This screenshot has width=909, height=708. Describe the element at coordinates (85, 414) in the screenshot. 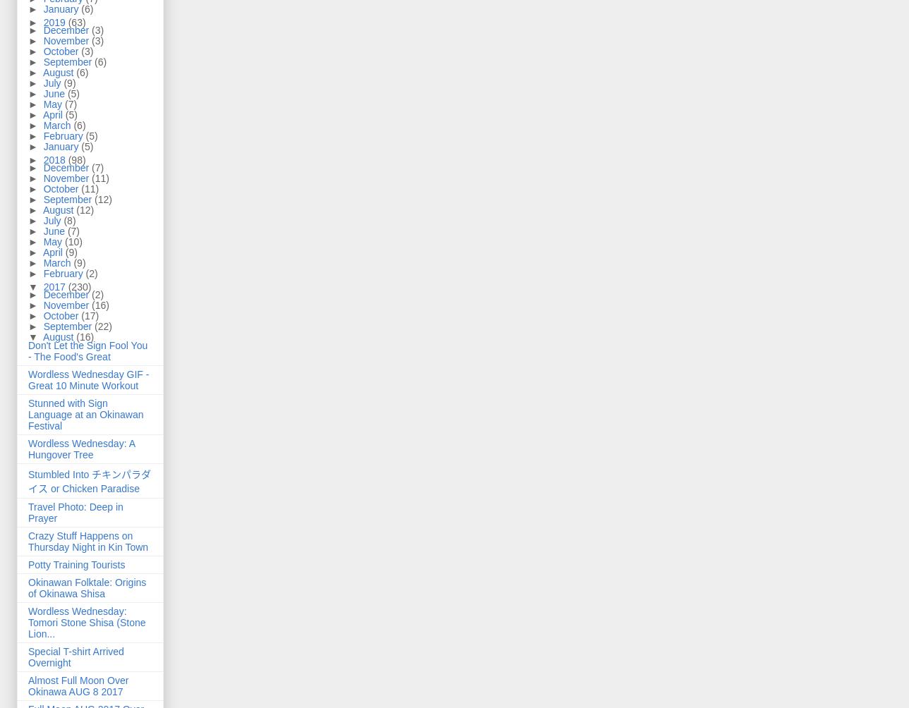

I see `'Stunned with Sign Language at an Okinawan Festival'` at that location.